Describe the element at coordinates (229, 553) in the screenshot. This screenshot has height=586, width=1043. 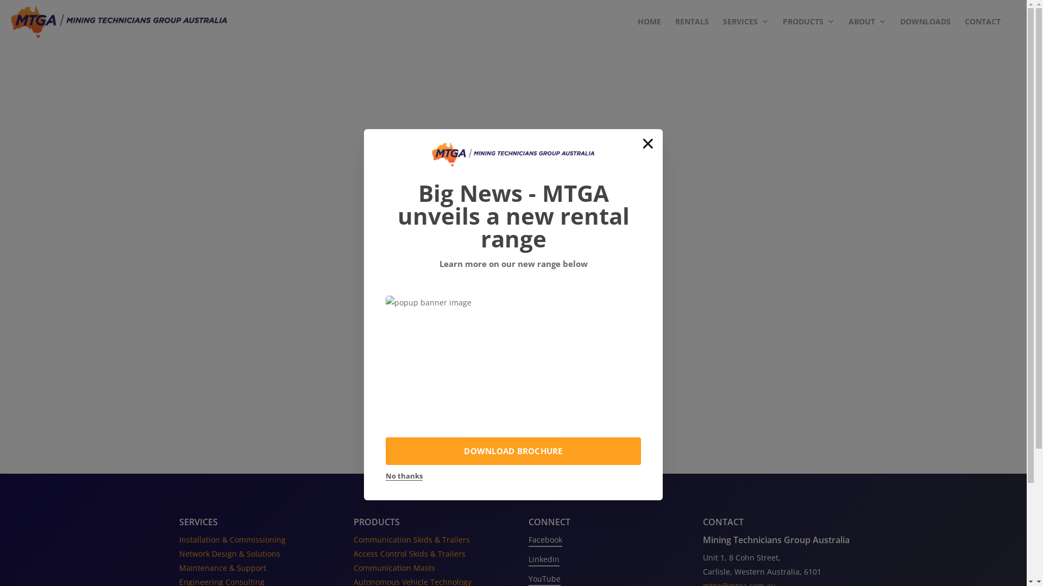
I see `'Network Design & Solutions'` at that location.